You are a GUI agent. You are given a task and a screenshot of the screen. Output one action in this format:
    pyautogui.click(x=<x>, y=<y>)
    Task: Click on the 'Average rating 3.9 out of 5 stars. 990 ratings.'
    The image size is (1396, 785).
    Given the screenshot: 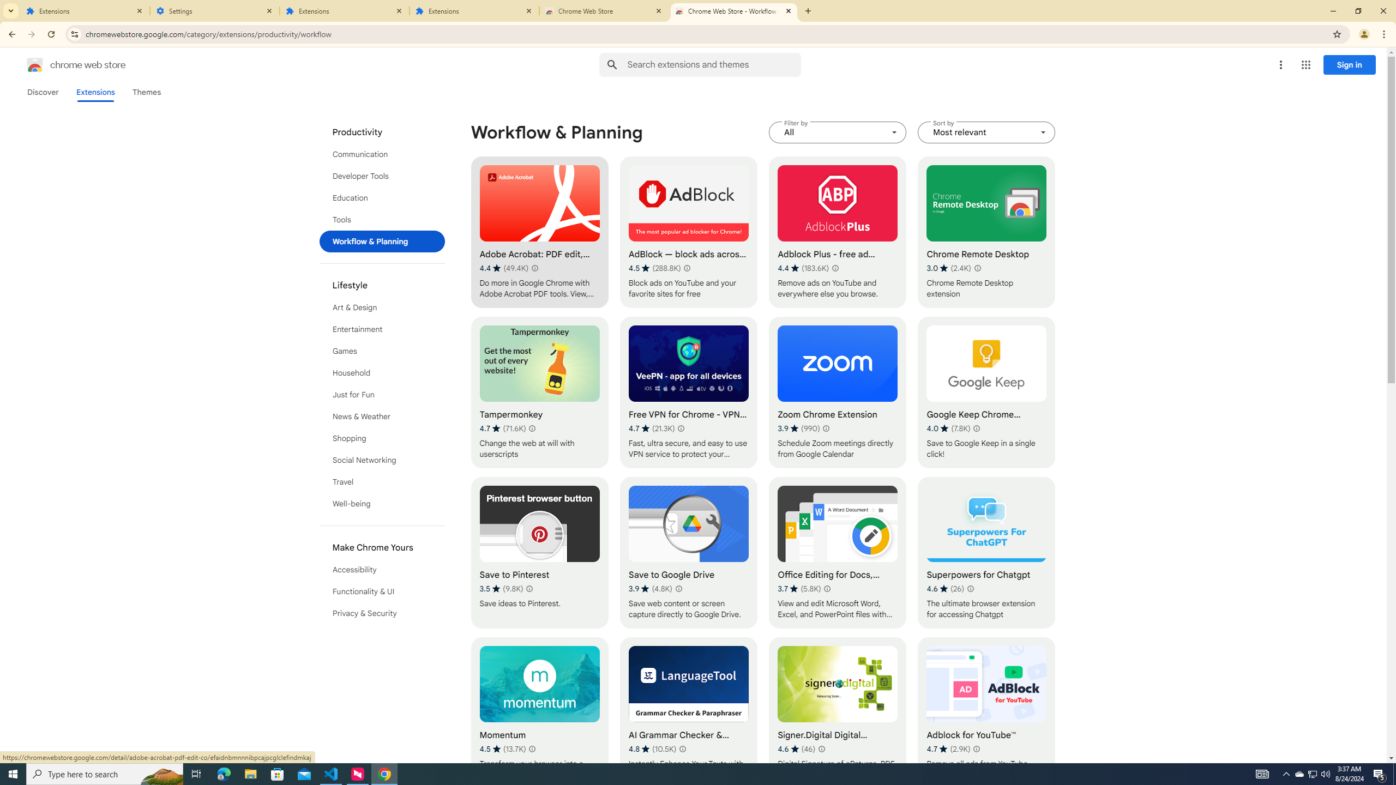 What is the action you would take?
    pyautogui.click(x=798, y=428)
    